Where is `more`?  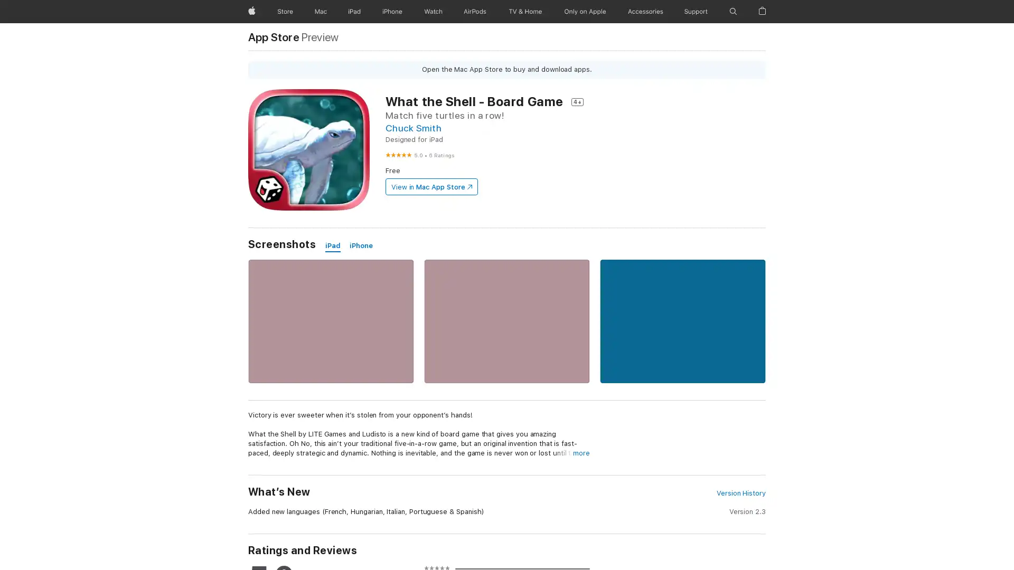 more is located at coordinates (580, 453).